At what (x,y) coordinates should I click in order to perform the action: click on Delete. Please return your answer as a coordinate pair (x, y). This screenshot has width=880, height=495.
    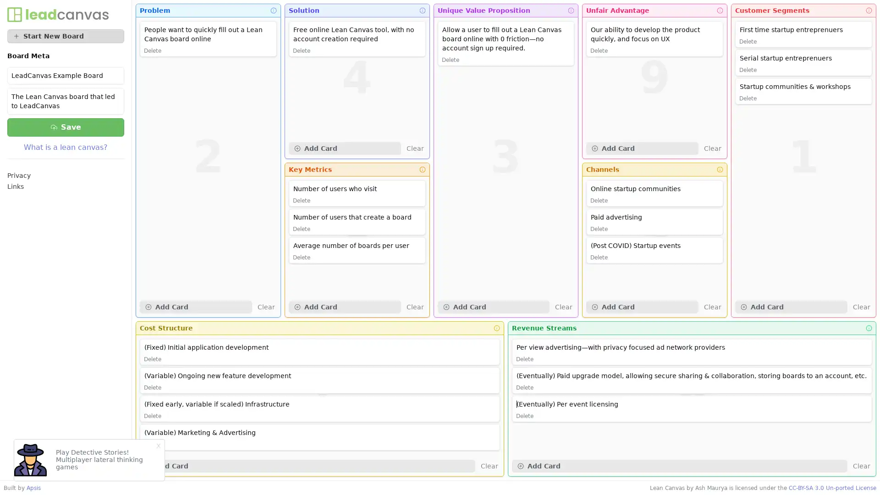
    Looking at the image, I should click on (301, 51).